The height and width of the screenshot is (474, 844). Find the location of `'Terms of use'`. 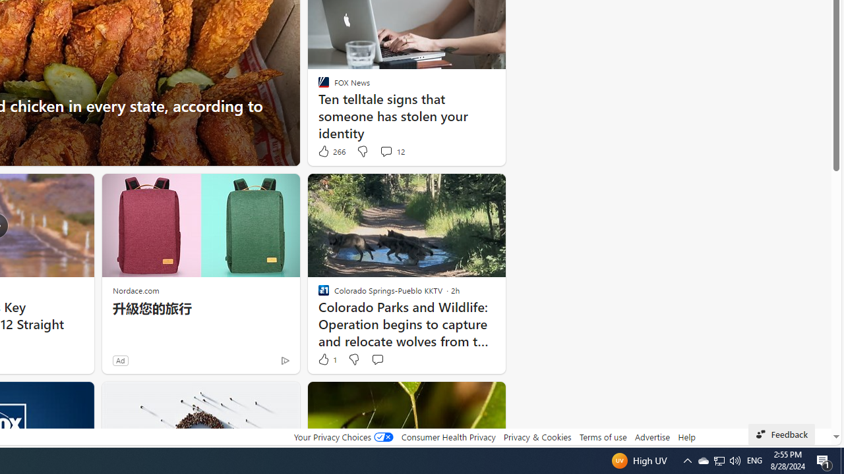

'Terms of use' is located at coordinates (602, 436).